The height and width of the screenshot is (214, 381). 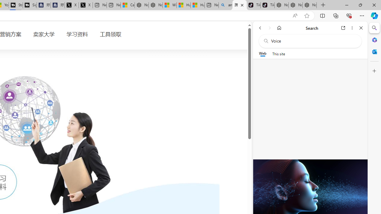 What do you see at coordinates (278, 53) in the screenshot?
I see `'This site scope'` at bounding box center [278, 53].